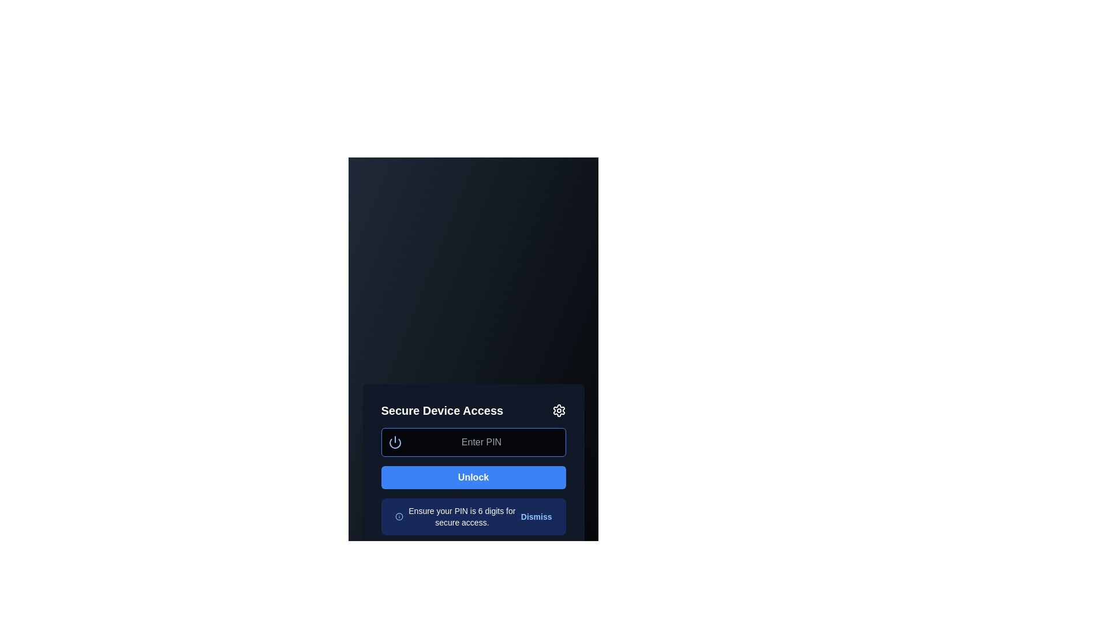  What do you see at coordinates (399, 516) in the screenshot?
I see `the circular graphic element with a blue border located next to the informational icon in the warning section below the 'Unlock' button` at bounding box center [399, 516].